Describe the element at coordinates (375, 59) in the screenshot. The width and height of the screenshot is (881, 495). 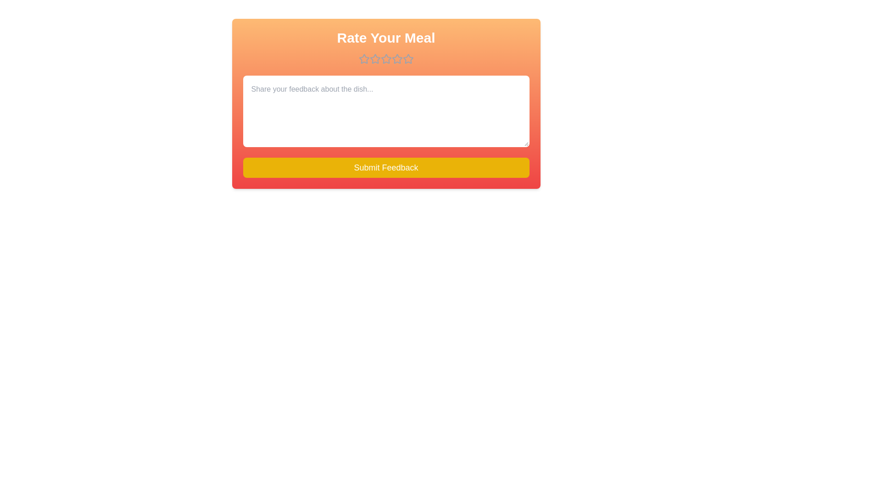
I see `the star corresponding to 2 to preview the rating` at that location.